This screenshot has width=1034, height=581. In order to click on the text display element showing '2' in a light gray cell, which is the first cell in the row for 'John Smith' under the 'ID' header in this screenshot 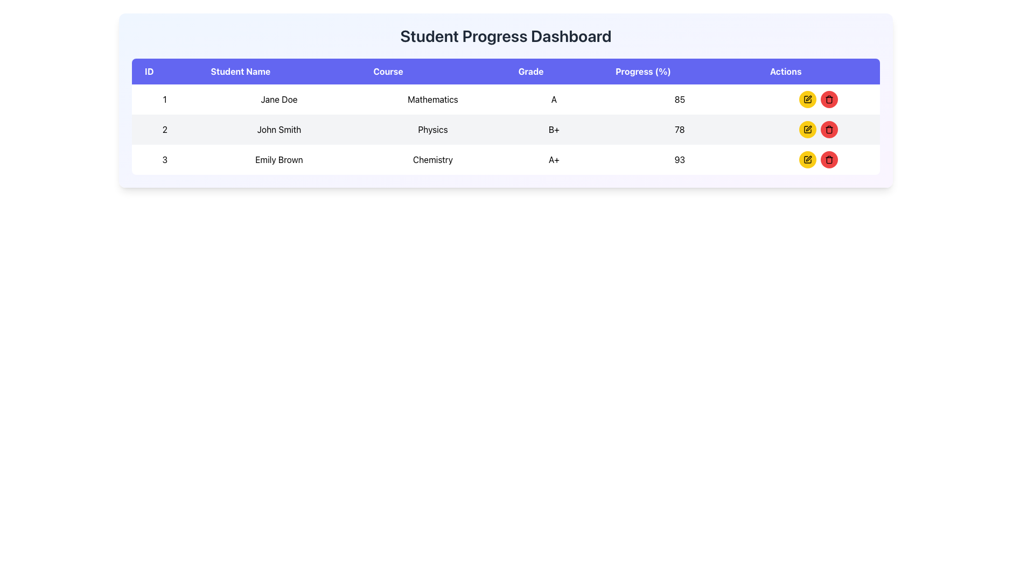, I will do `click(164, 129)`.